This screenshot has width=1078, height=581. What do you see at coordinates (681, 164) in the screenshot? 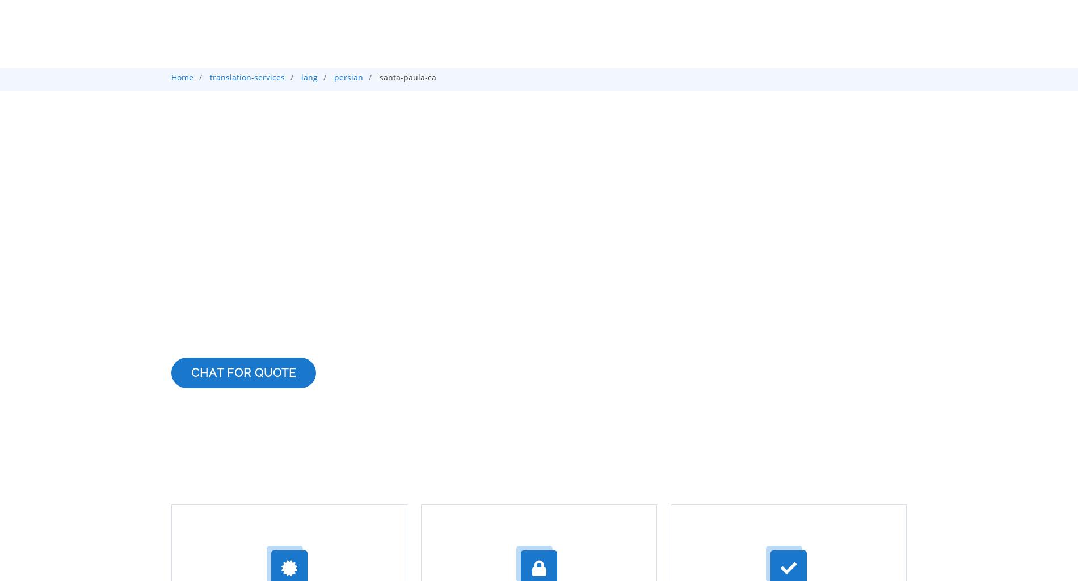
I see `'Voice Over'` at bounding box center [681, 164].